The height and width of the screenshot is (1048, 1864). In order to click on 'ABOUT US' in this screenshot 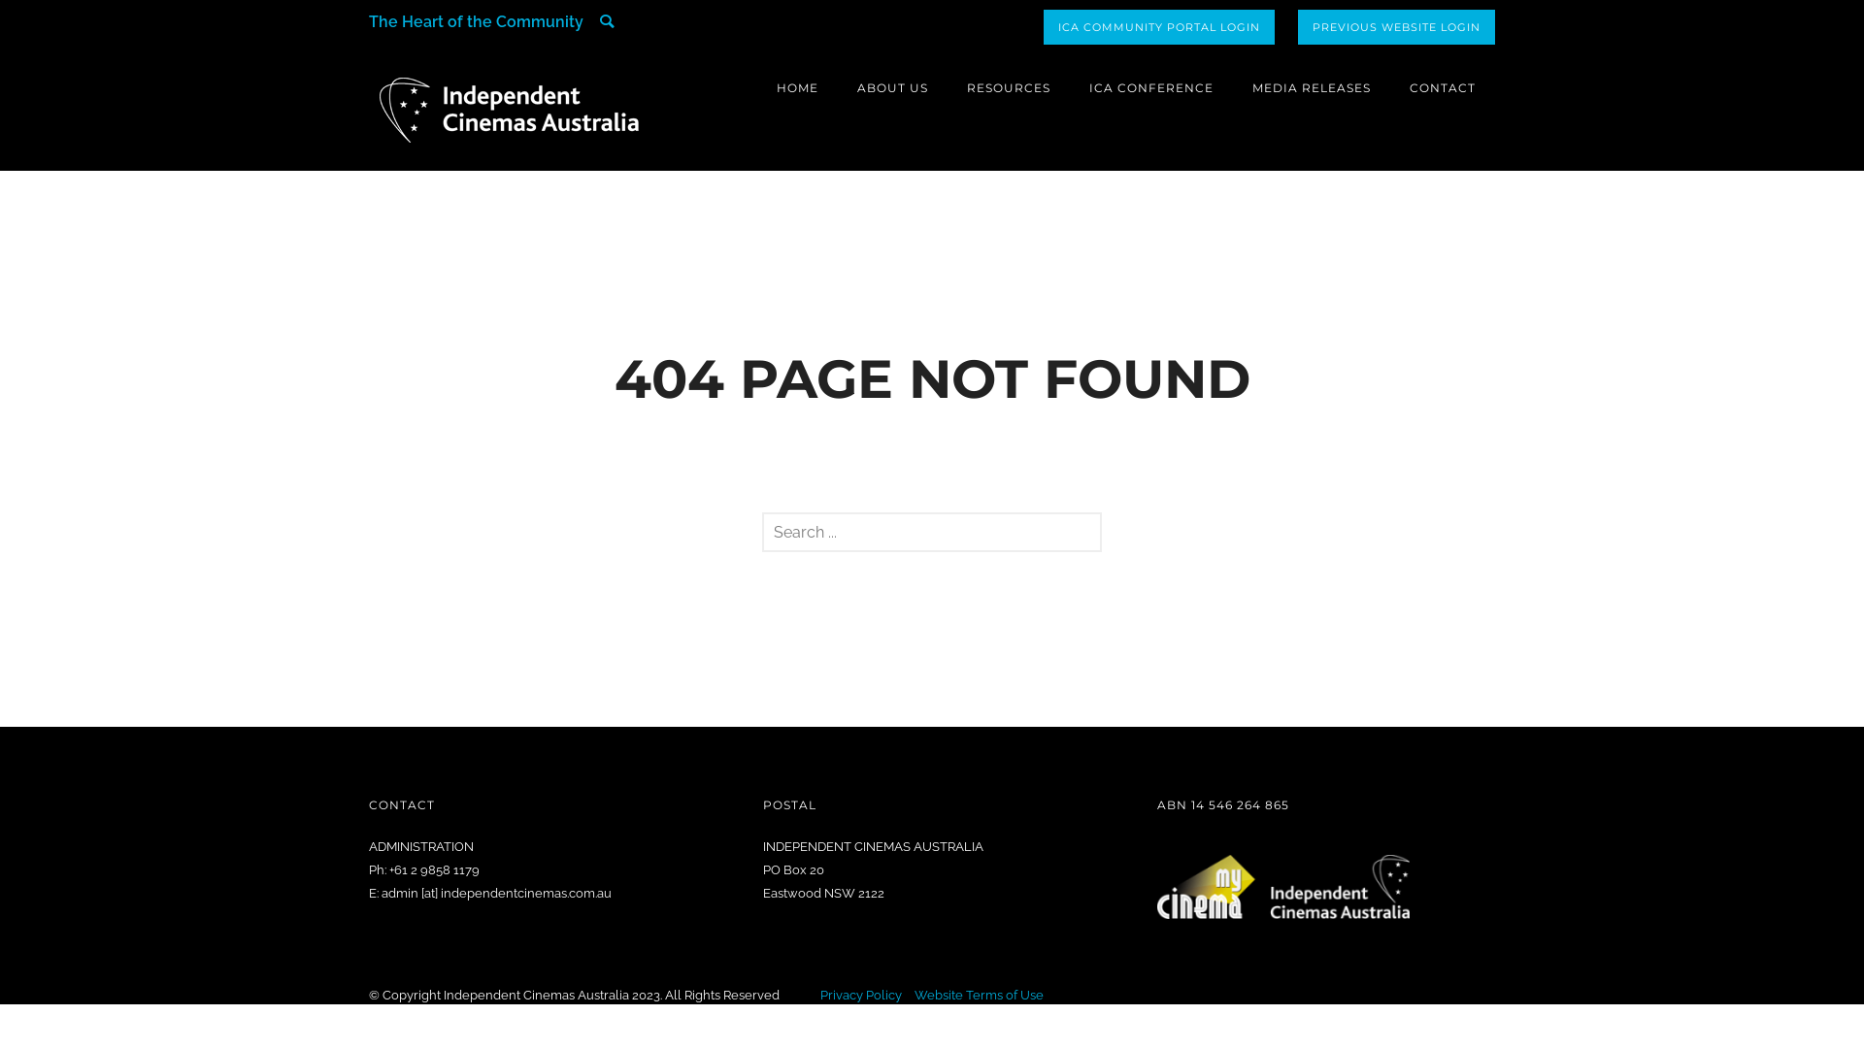, I will do `click(891, 87)`.